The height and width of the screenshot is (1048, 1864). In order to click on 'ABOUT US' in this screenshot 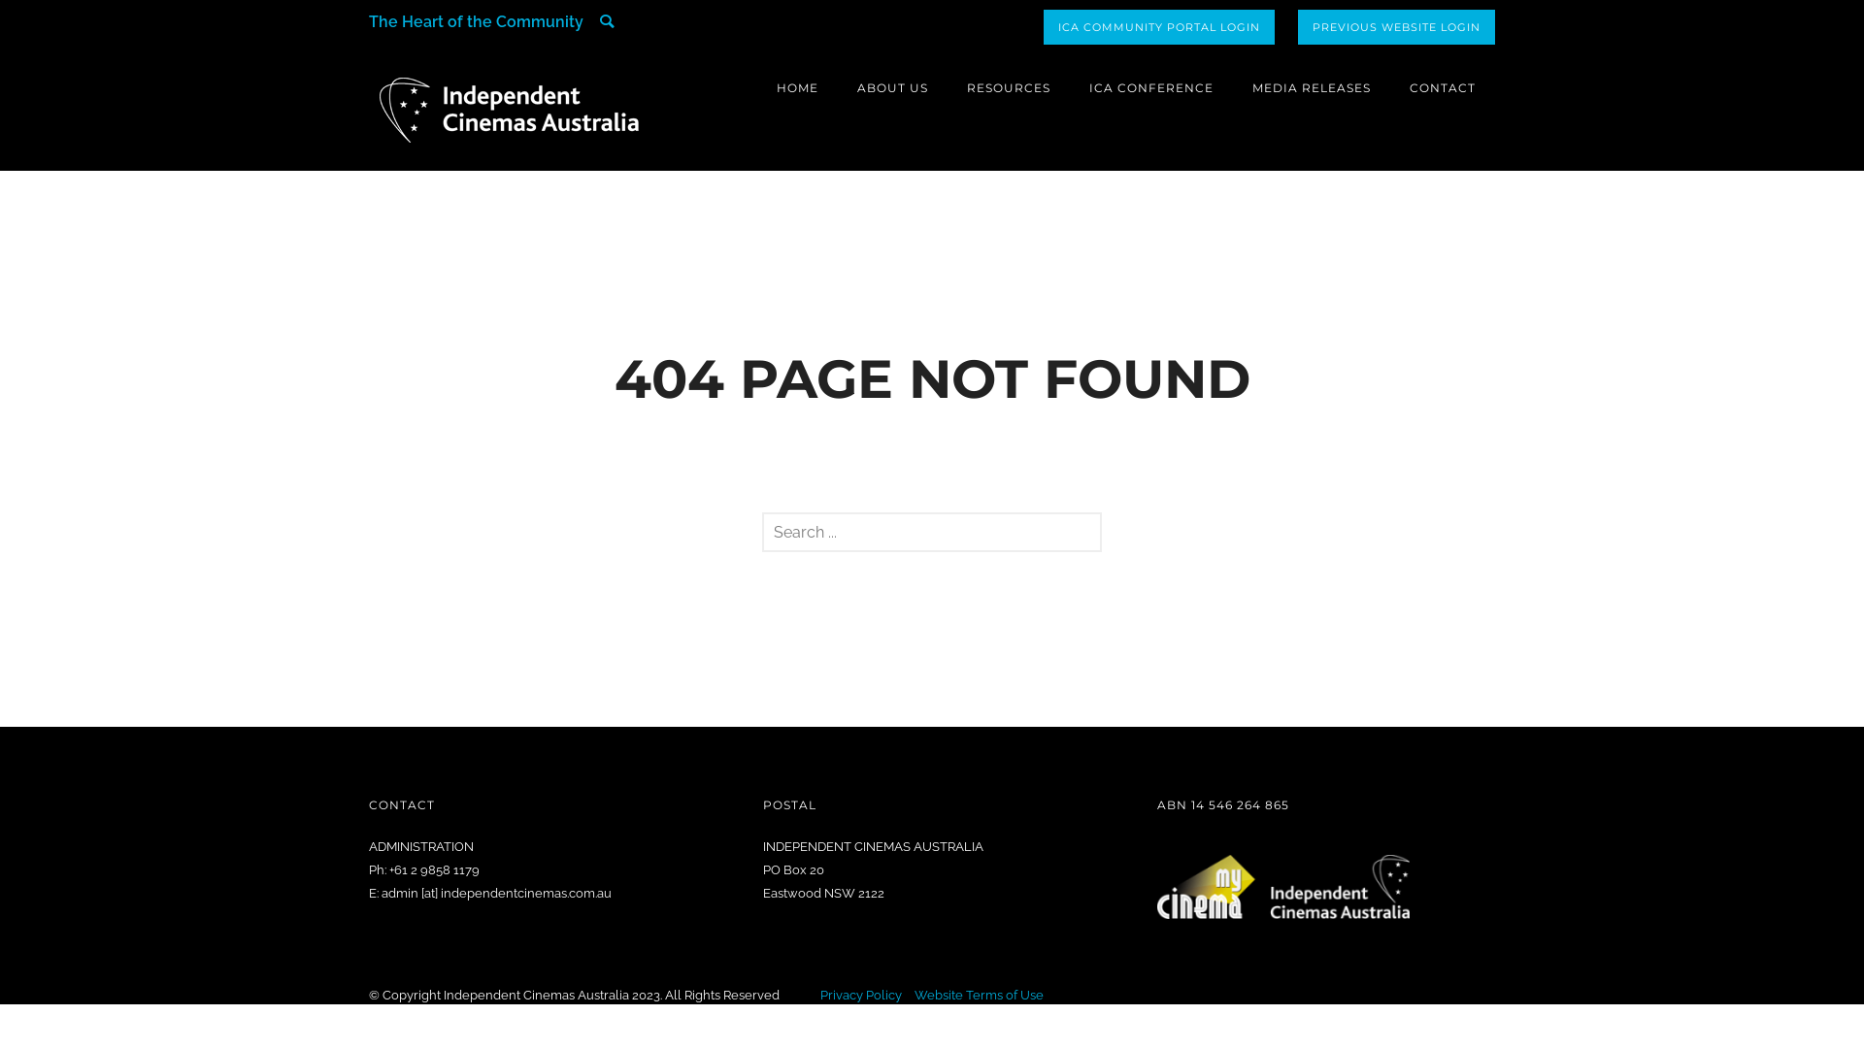, I will do `click(891, 87)`.